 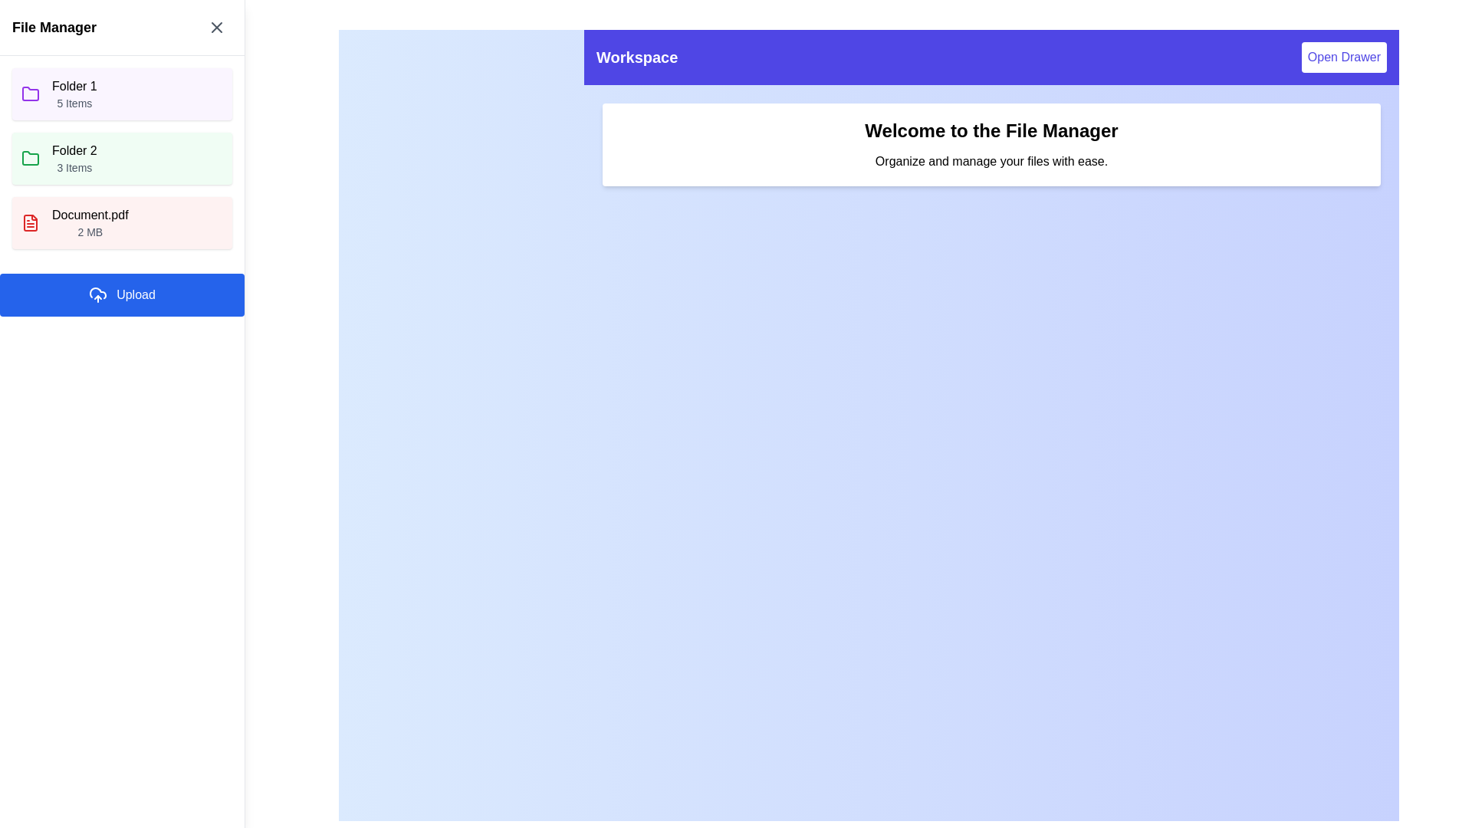 What do you see at coordinates (74, 168) in the screenshot?
I see `information displayed in the Text label that shows the number of items in 'Folder 2', positioned in the left sidebar, below the folder title and above 'Document.pdf'` at bounding box center [74, 168].